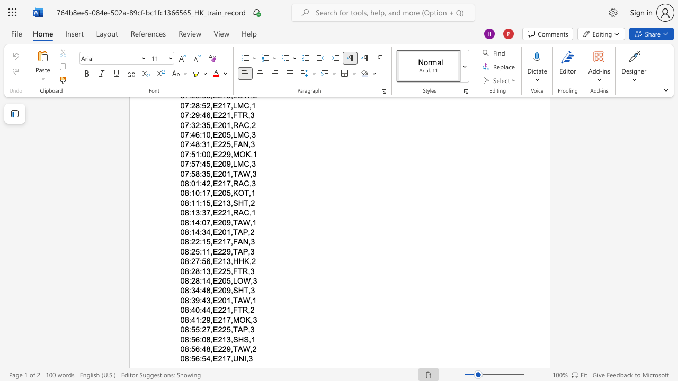  Describe the element at coordinates (184, 242) in the screenshot. I see `the subset text "8:22" within the text "08:22:15,E217,FAN,3"` at that location.